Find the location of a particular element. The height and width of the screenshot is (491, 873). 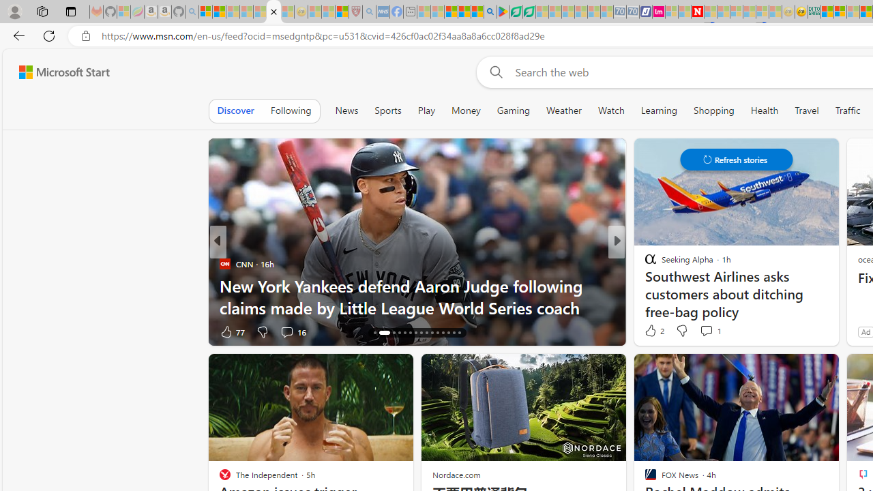

'71 Like' is located at coordinates (651, 331).